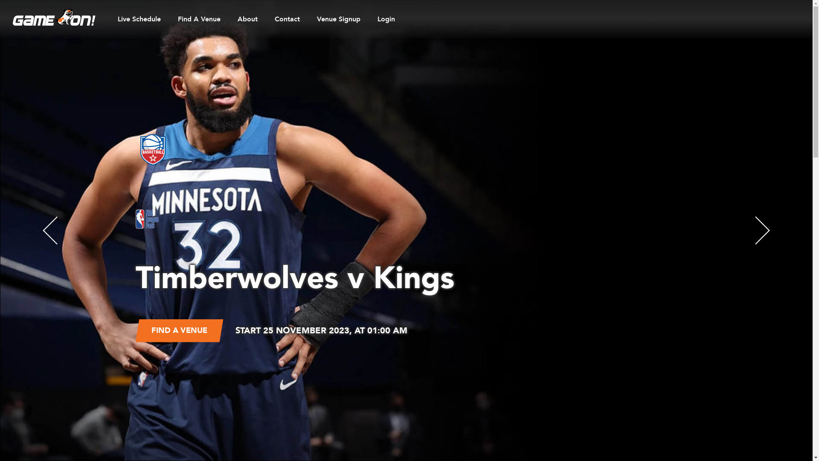 Image resolution: width=819 pixels, height=461 pixels. I want to click on 'Game On Home page', so click(53, 17).